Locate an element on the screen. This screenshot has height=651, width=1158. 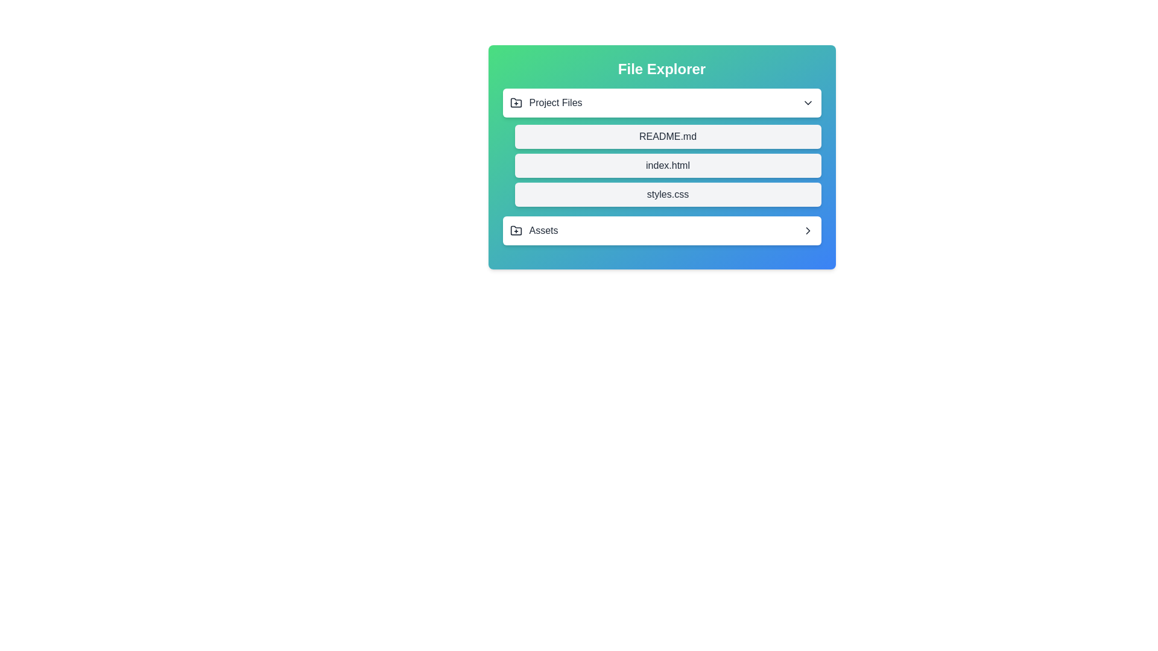
the right-pointing chevron icon located inside the 'Assets' folder row is located at coordinates (808, 230).